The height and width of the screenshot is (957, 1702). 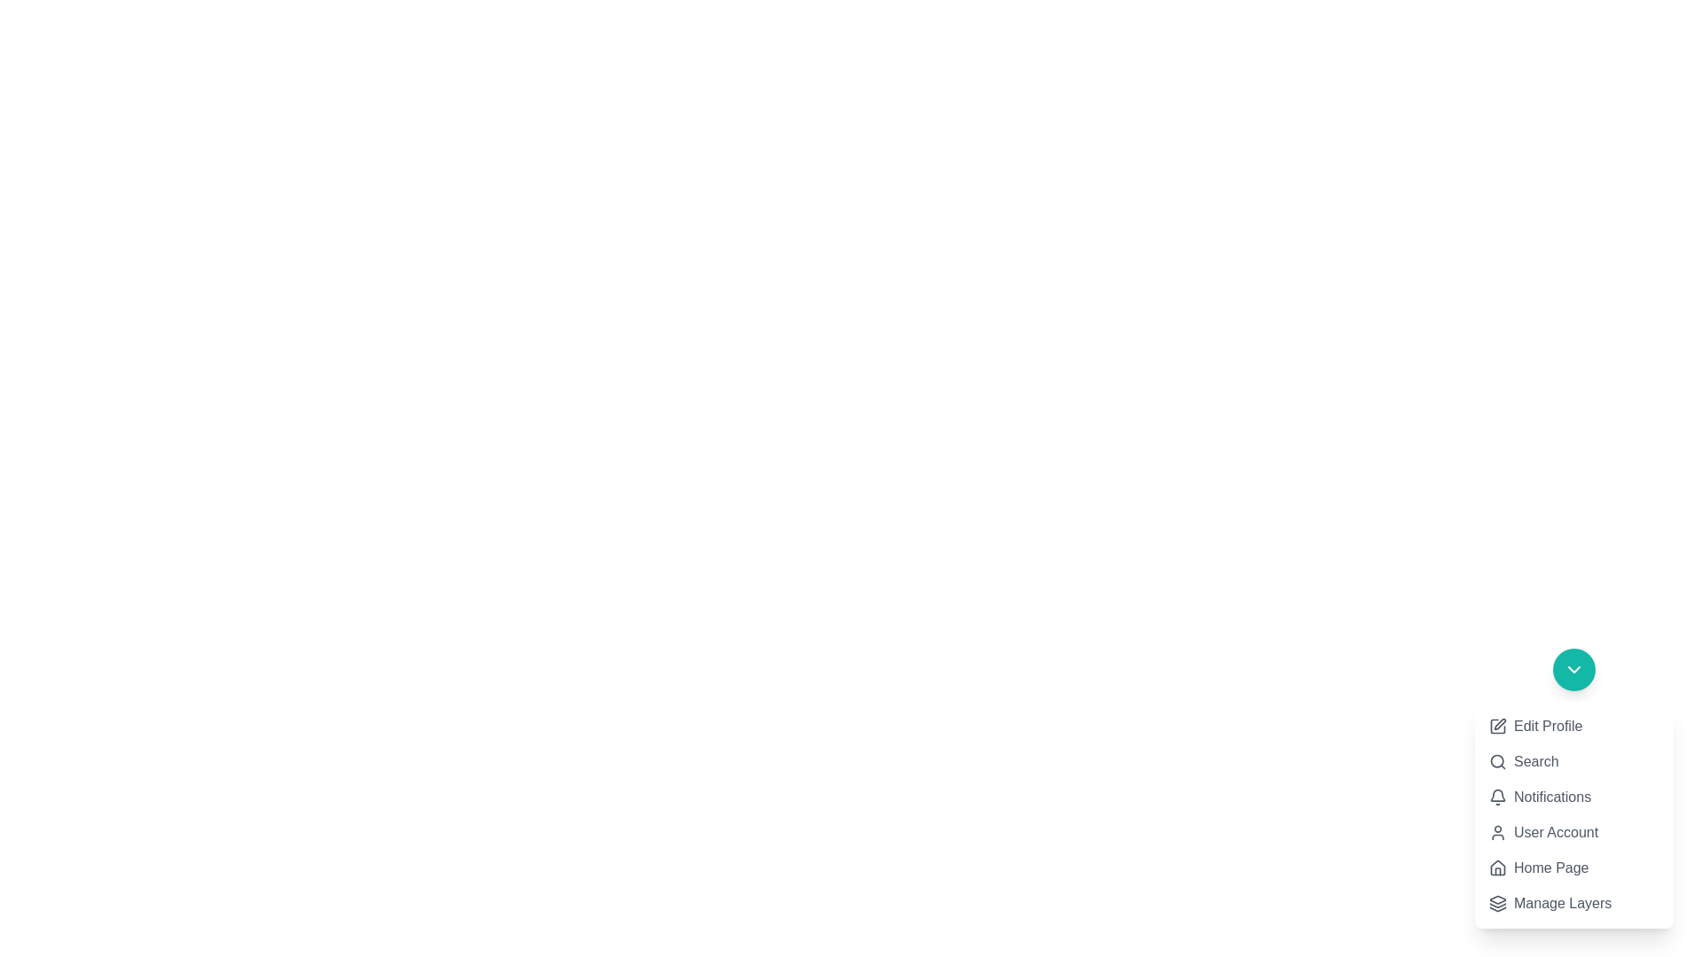 I want to click on the downward chevron icon located in the circular teal button to trigger visual feedback, so click(x=1574, y=670).